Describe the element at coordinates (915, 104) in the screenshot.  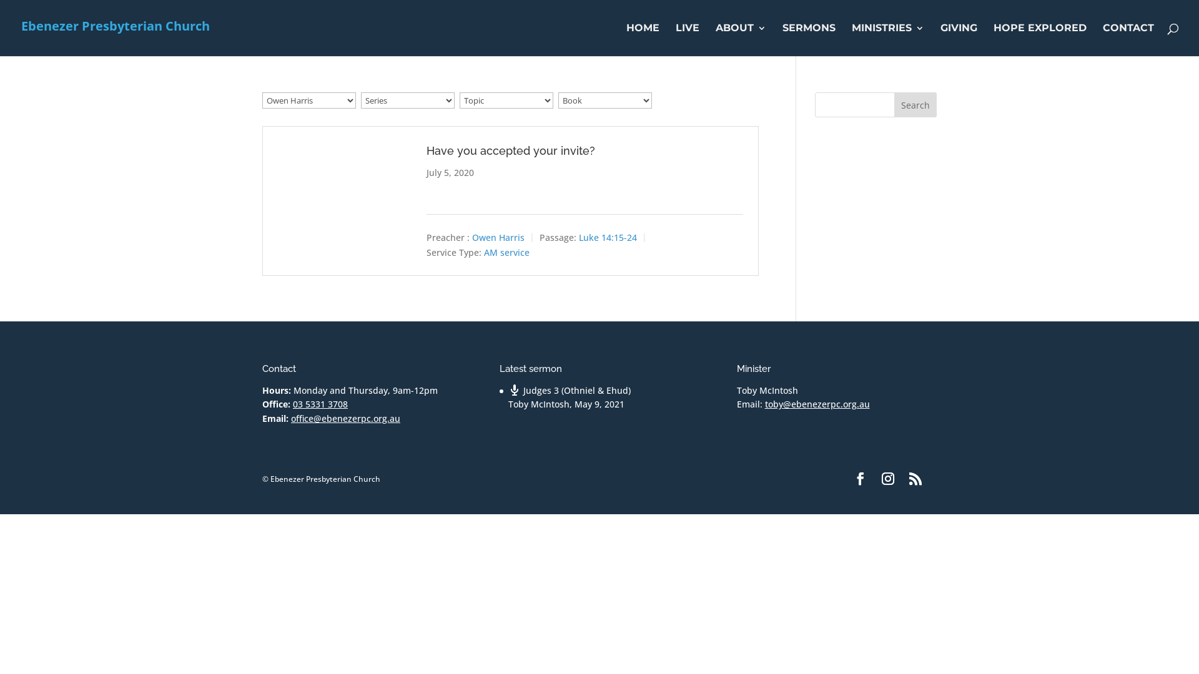
I see `'Search'` at that location.